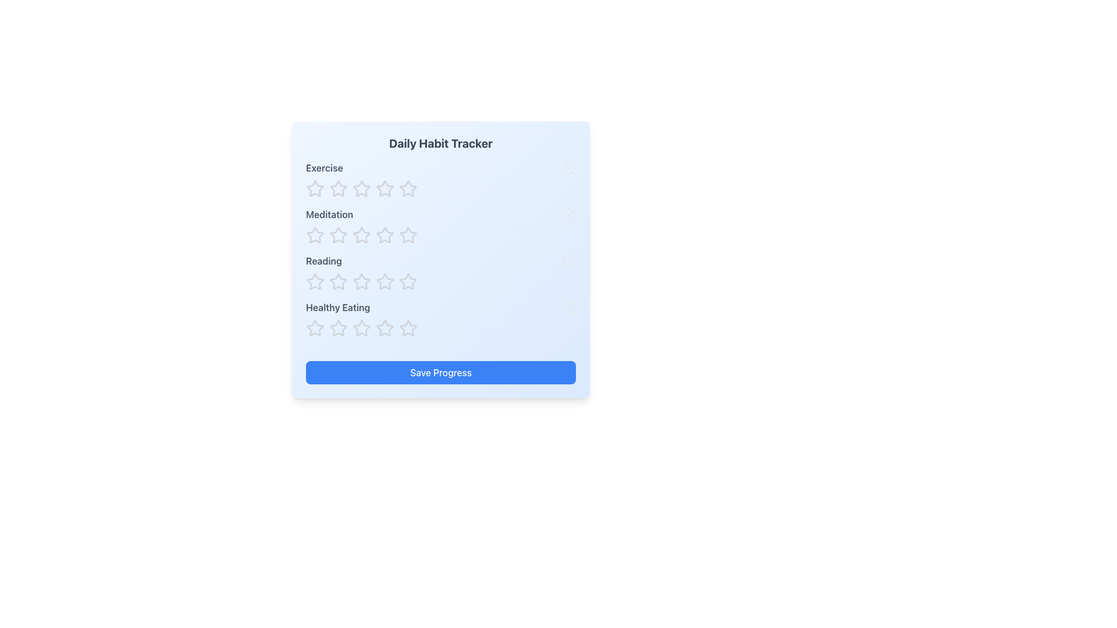  What do you see at coordinates (361, 281) in the screenshot?
I see `the third star-shaped icon in the 5-star rating system for keyboard interaction in the 'Reading' section of the habit tracker interface` at bounding box center [361, 281].